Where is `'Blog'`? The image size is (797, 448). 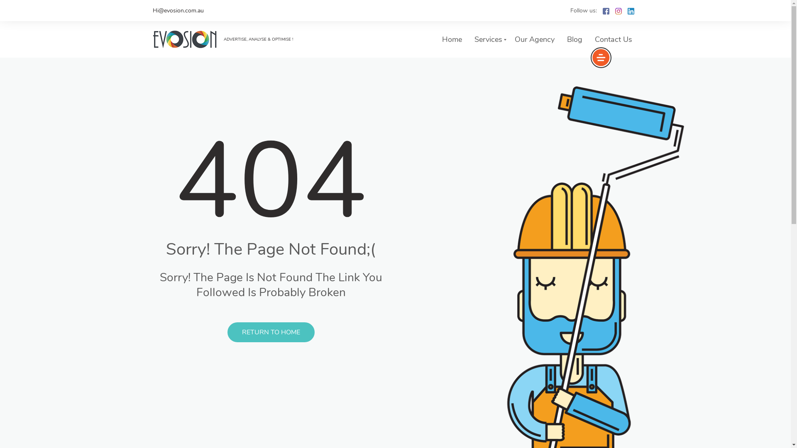
'Blog' is located at coordinates (574, 39).